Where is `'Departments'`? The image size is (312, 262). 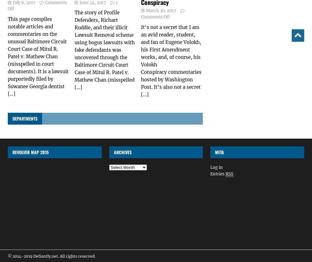 'Departments' is located at coordinates (25, 118).